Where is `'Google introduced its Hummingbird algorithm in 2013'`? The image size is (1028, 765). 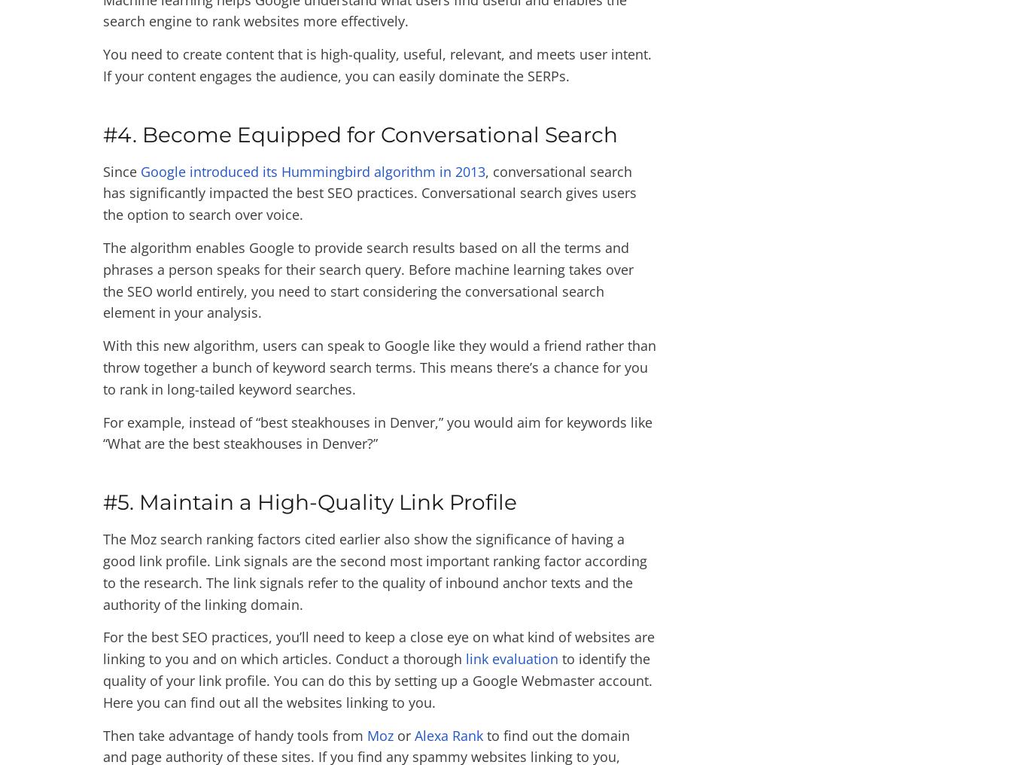 'Google introduced its Hummingbird algorithm in 2013' is located at coordinates (312, 170).